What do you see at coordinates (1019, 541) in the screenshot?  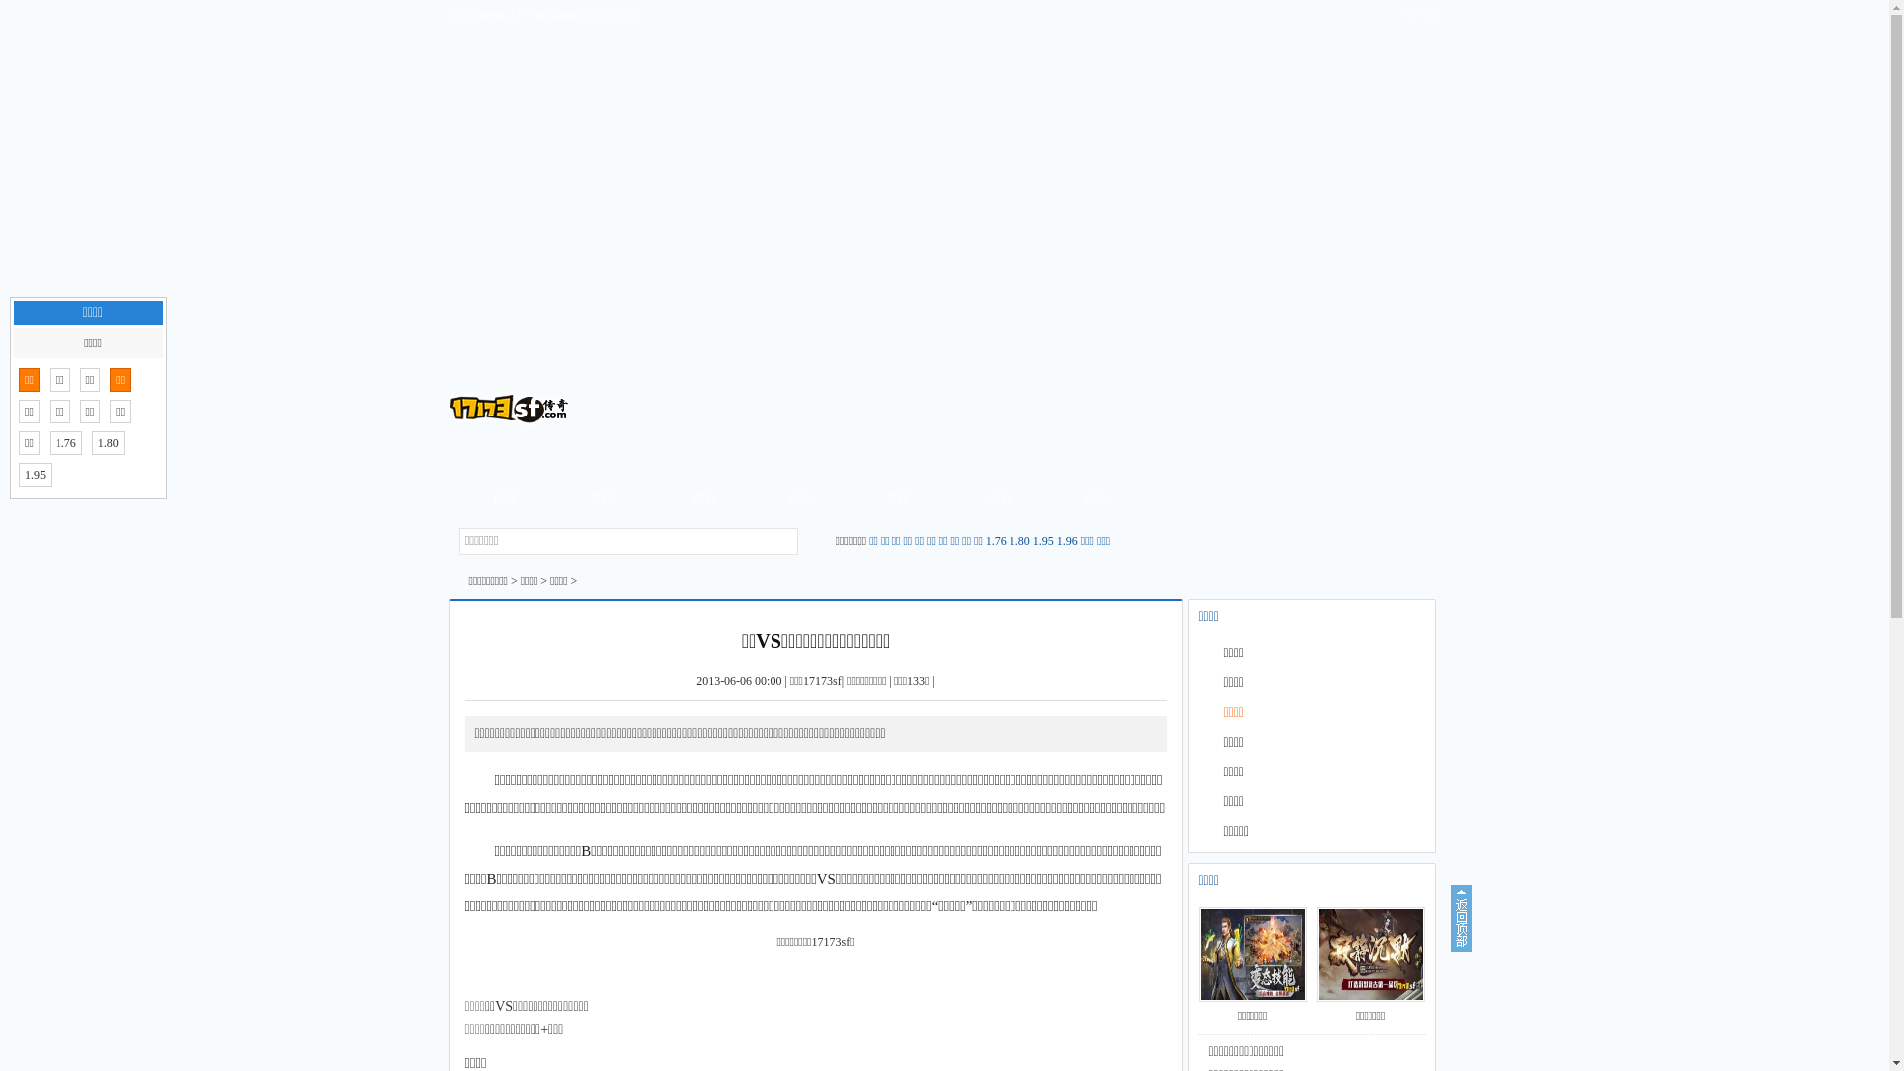 I see `'1.80'` at bounding box center [1019, 541].